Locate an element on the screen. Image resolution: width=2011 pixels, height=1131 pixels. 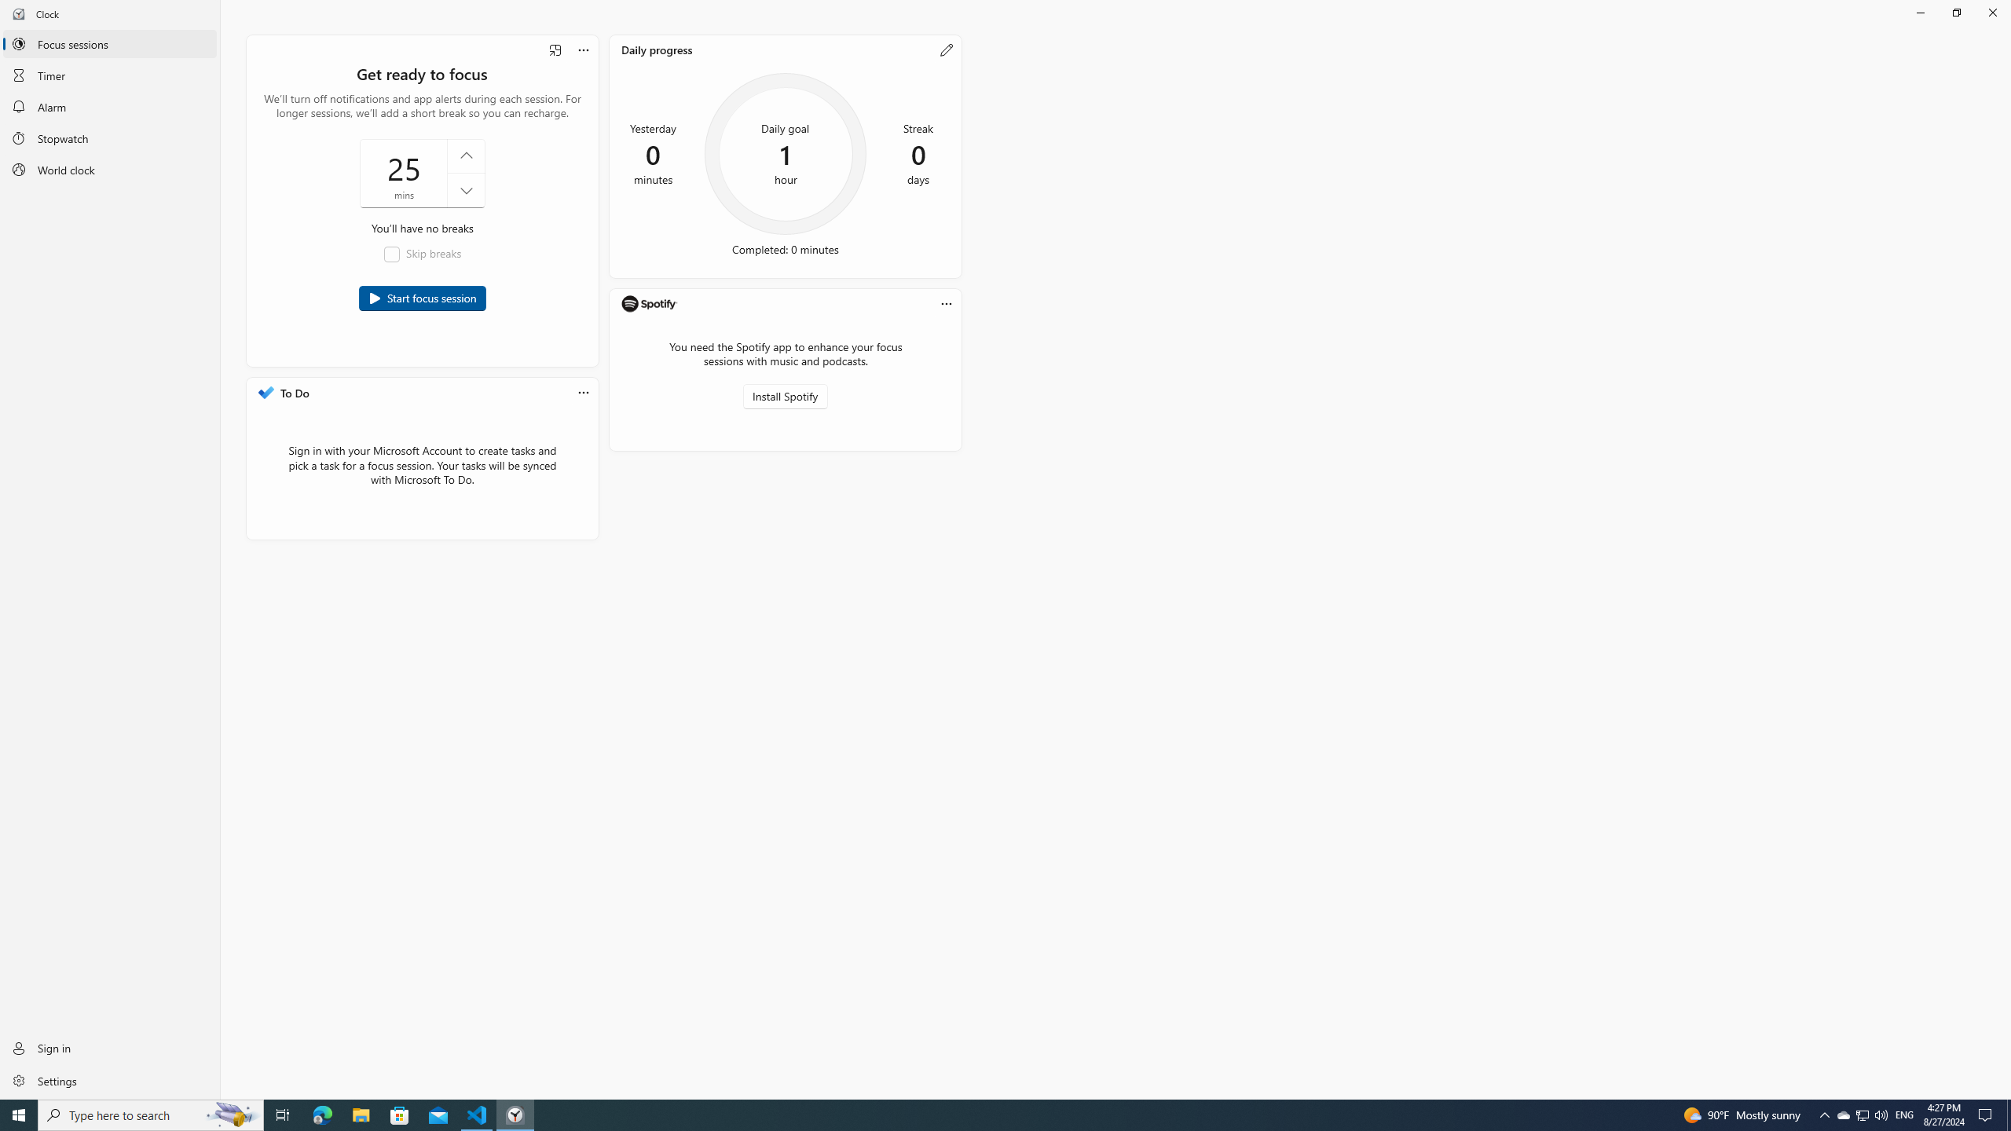
'Timer' is located at coordinates (109, 75).